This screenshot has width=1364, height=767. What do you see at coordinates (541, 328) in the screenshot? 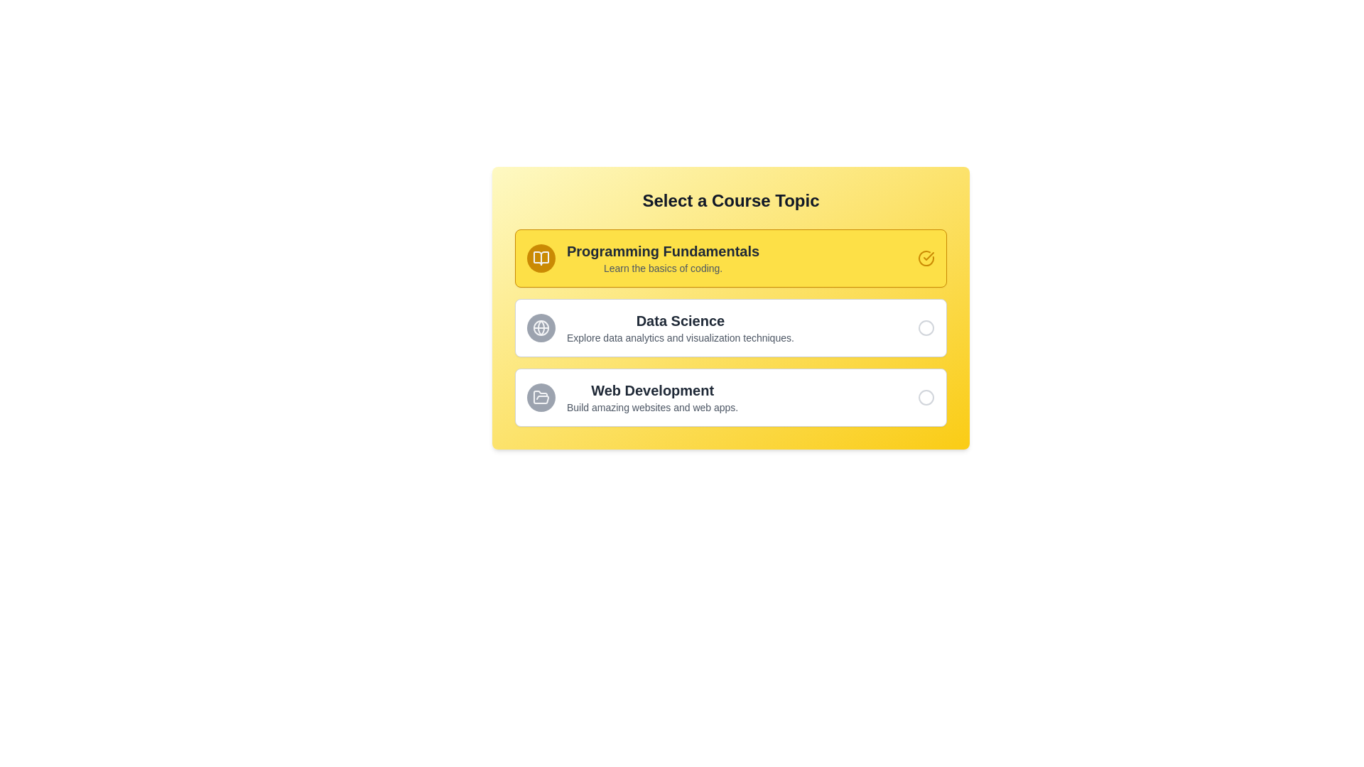
I see `the SVG circle component that is part of a globe icon, indicating global scope or international content` at bounding box center [541, 328].